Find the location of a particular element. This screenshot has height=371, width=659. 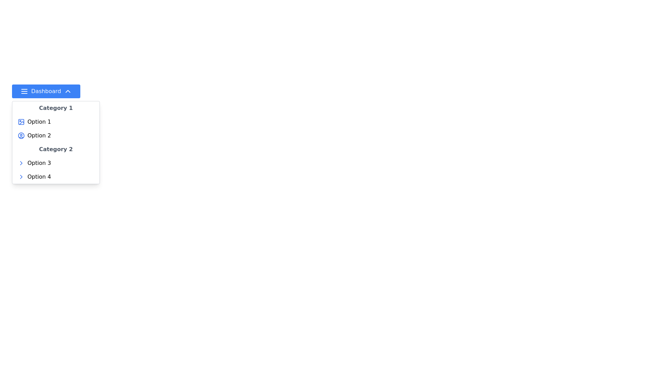

the non-interactive header or category label in the dropdown panel, which is positioned above 'Option 1' and below the 'Dashboard' section is located at coordinates (56, 108).